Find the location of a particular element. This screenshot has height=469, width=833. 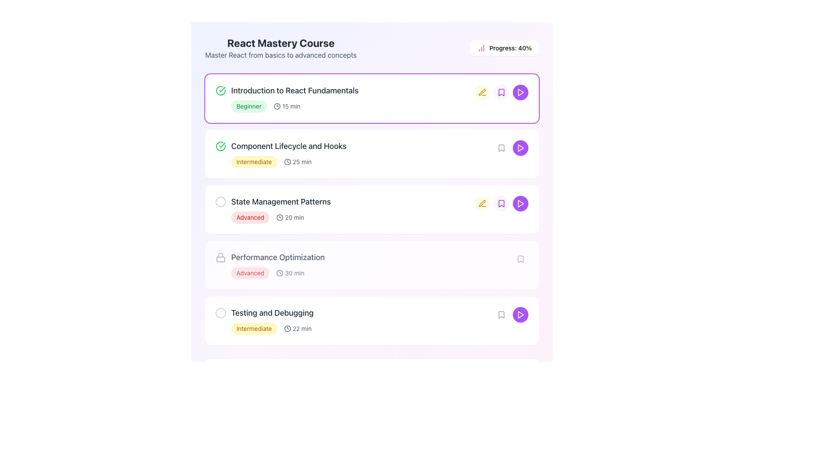

the decorative SVG icon indicating time-related detail for the 'Introduction to React Fundamentals' course, located next to the estimated completion time and above the 'Beginner' tag is located at coordinates (280, 217).